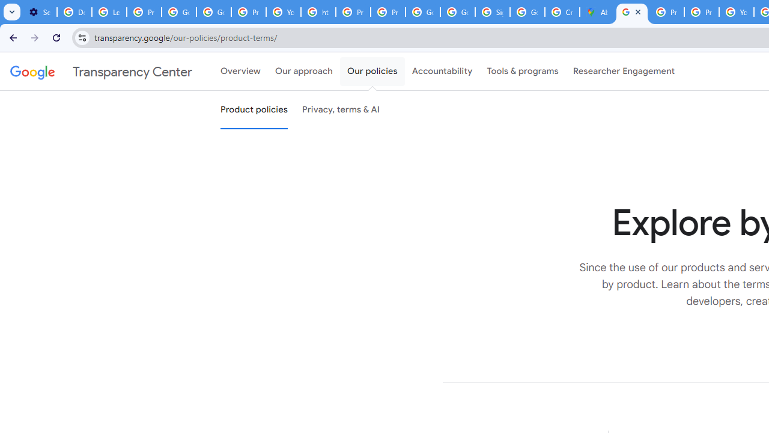  Describe the element at coordinates (624, 72) in the screenshot. I see `'Researcher Engagement'` at that location.